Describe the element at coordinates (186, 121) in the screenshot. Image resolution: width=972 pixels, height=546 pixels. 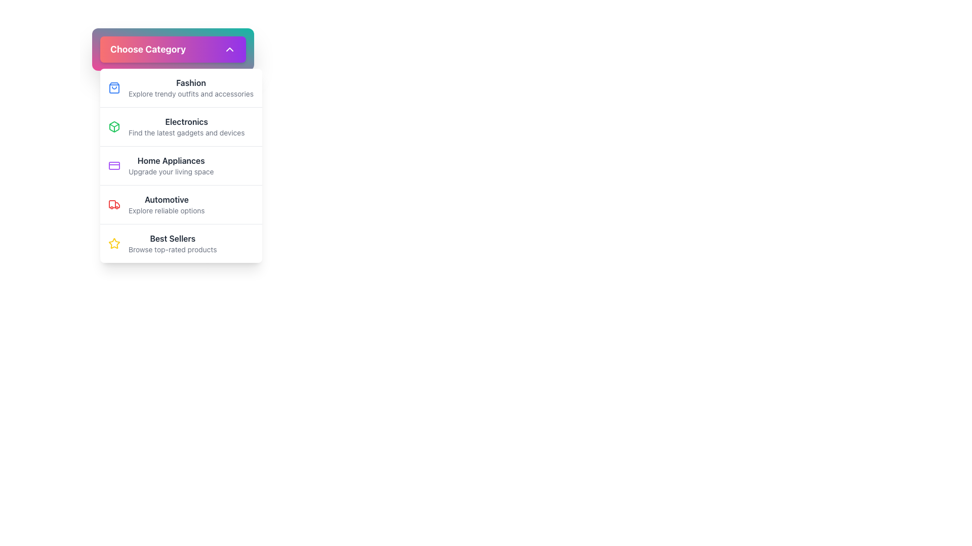
I see `the category label text element located within the dropdown list, which is positioned below 'Fashion' and above 'Home Appliances'` at that location.